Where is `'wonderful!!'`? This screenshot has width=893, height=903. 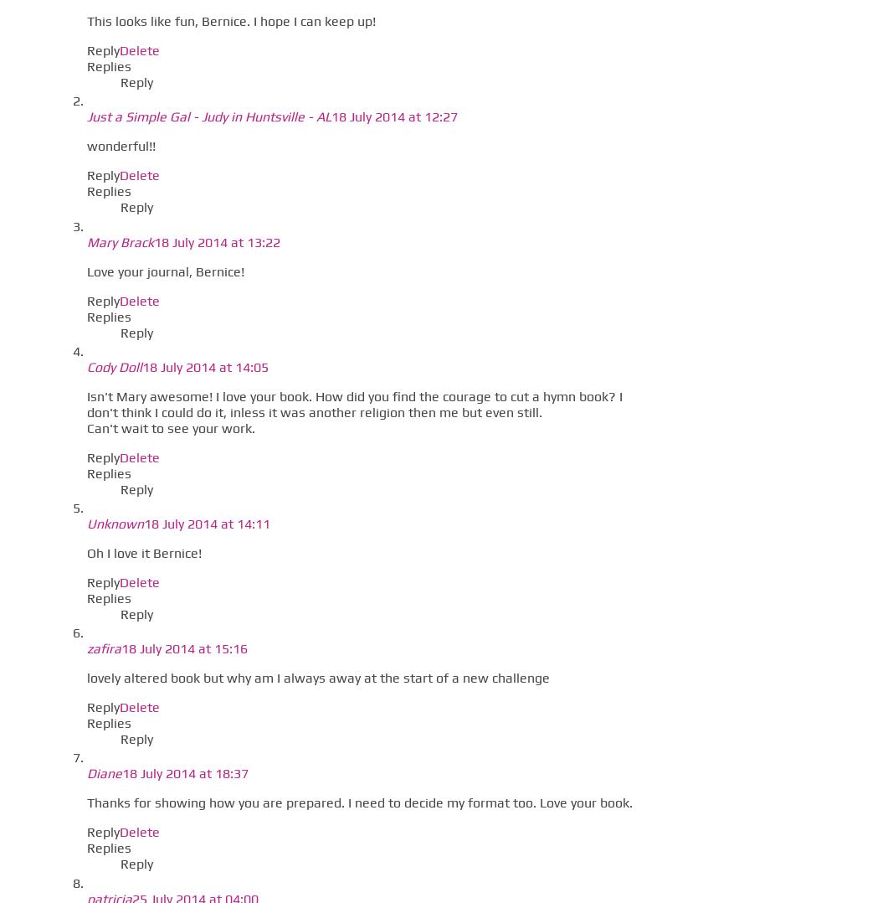 'wonderful!!' is located at coordinates (86, 145).